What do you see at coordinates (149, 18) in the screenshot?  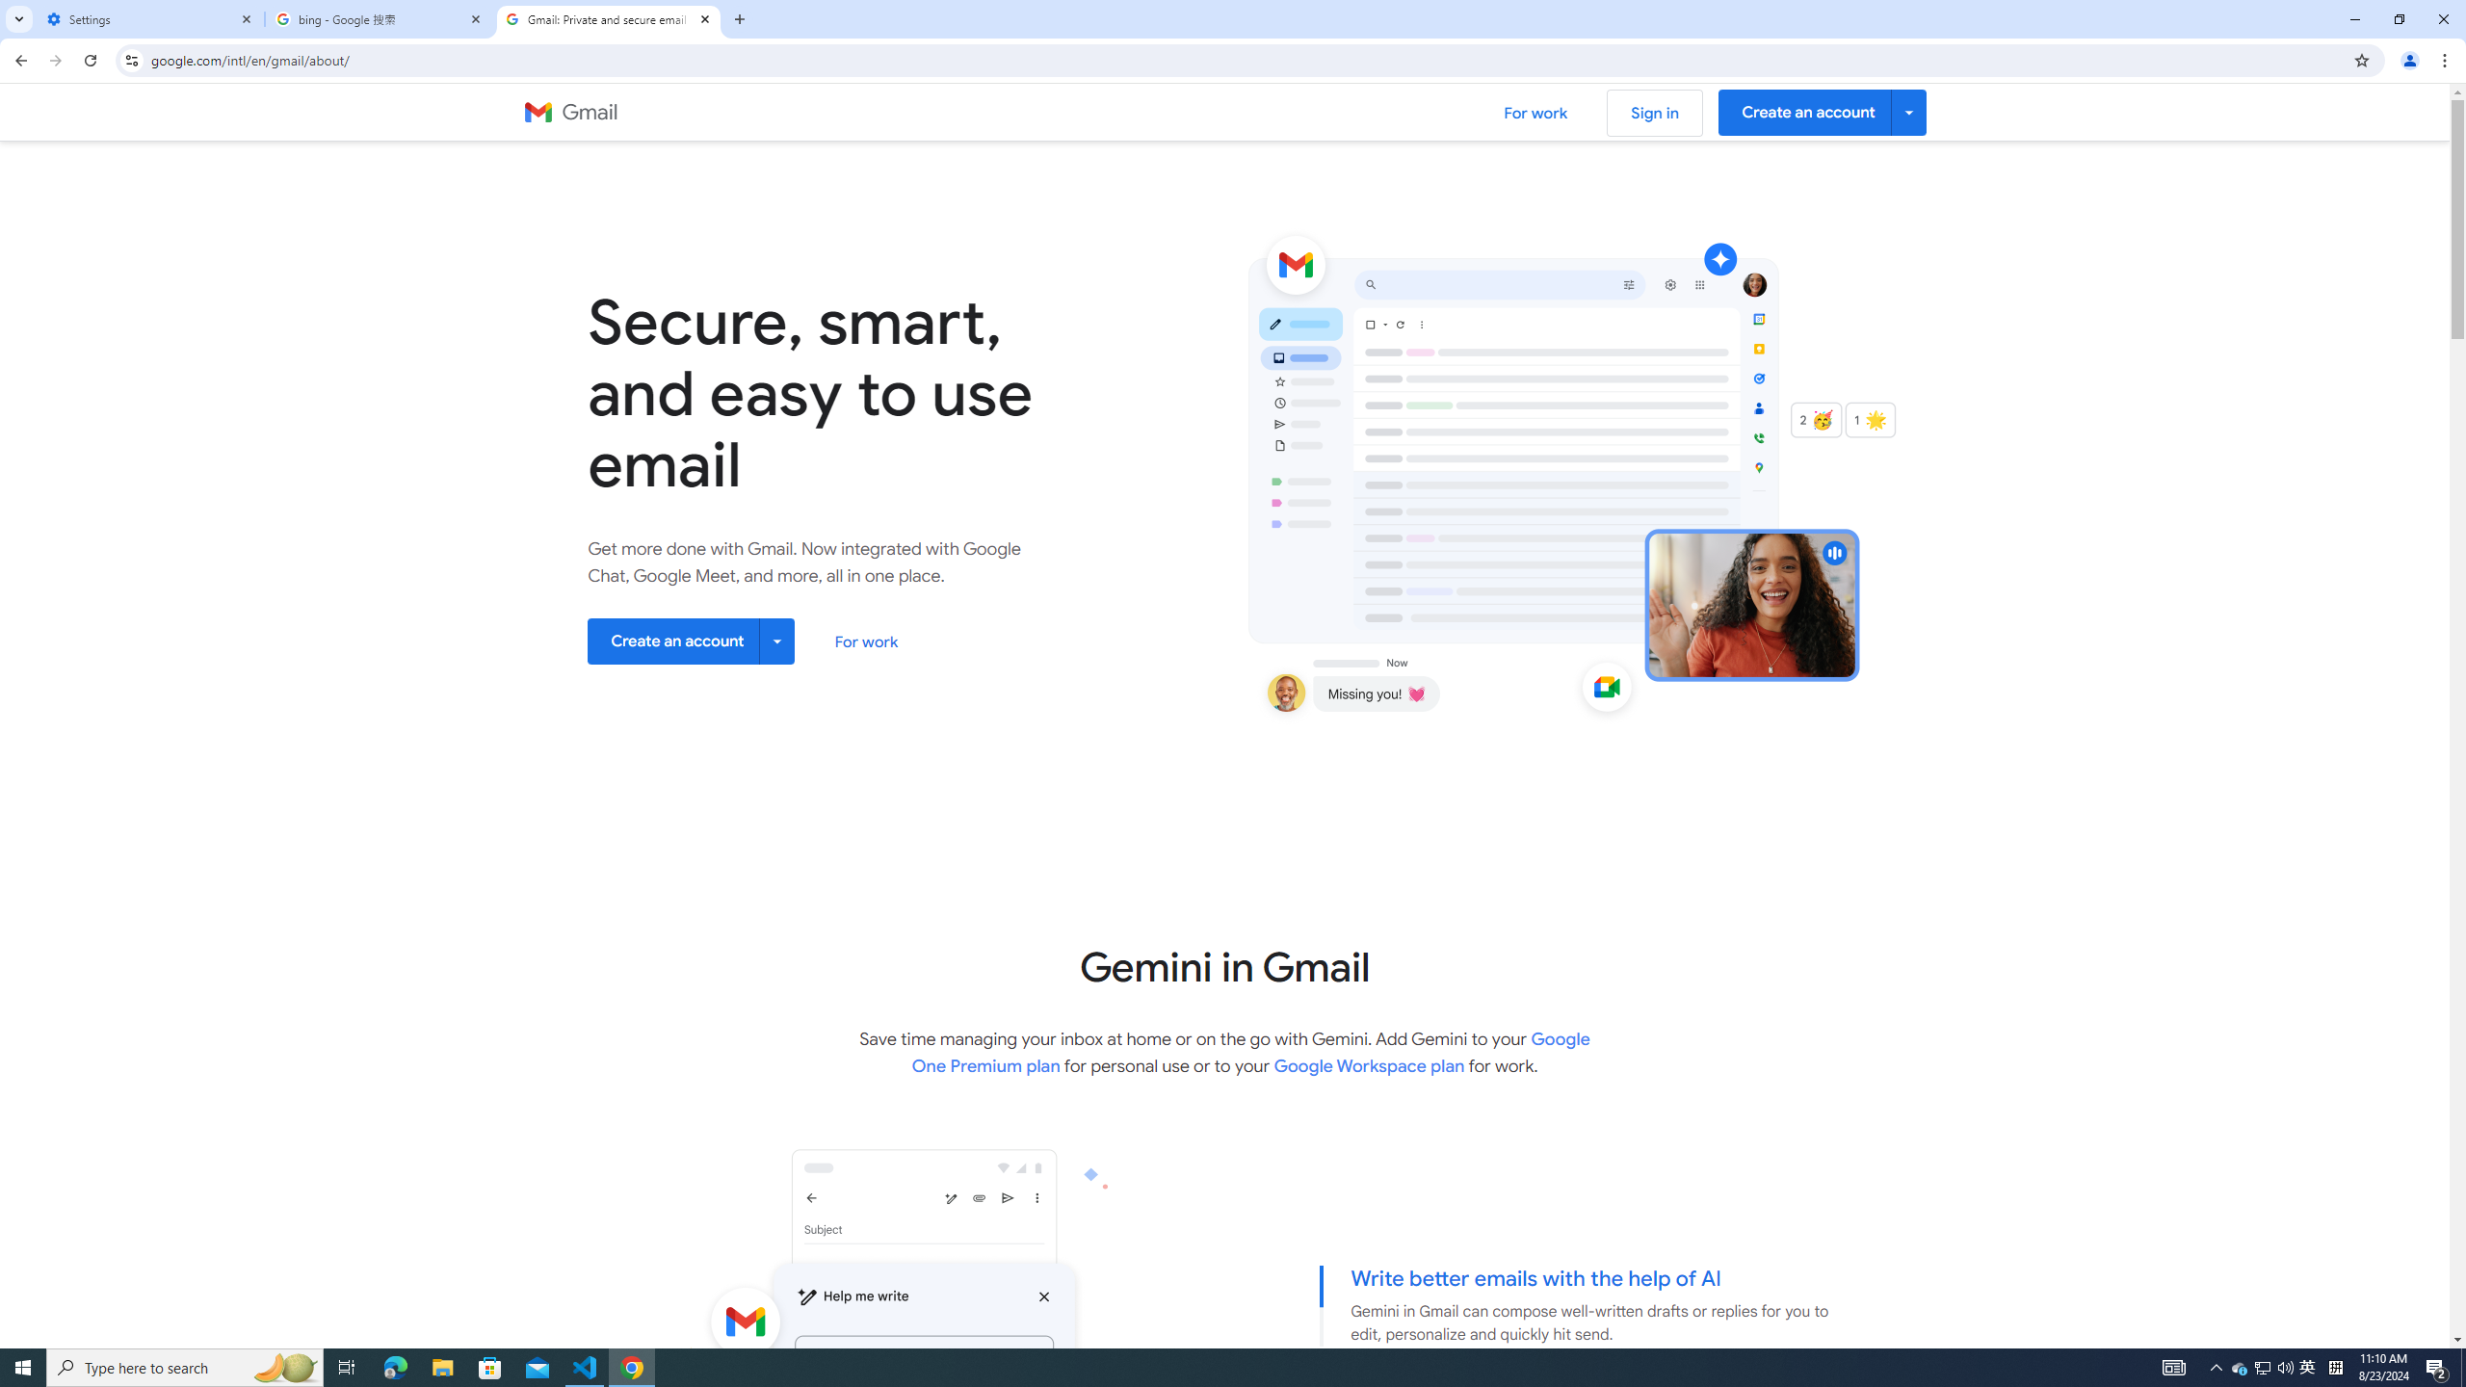 I see `'Settings'` at bounding box center [149, 18].